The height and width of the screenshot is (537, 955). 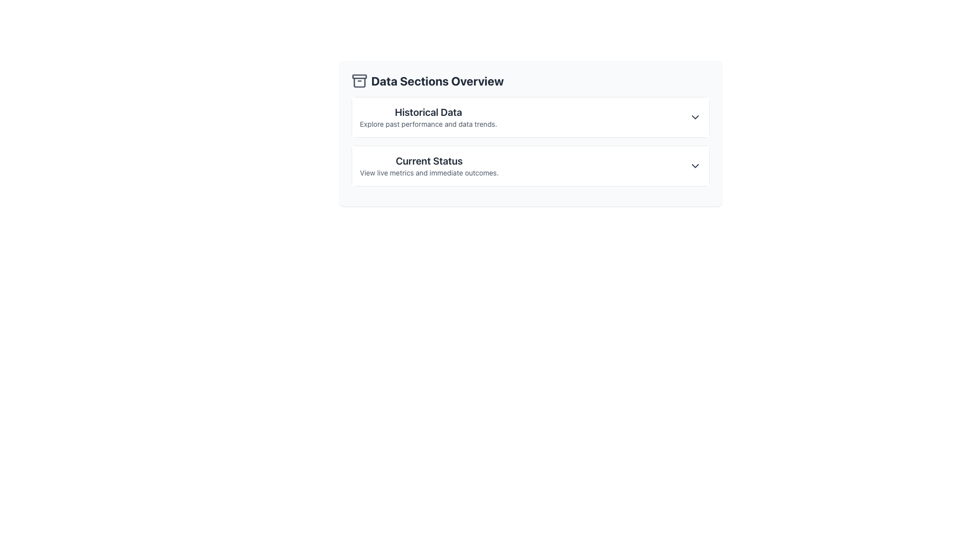 What do you see at coordinates (359, 76) in the screenshot?
I see `the lid of the archive box, which is represented by the first rectangular SVG shape in the top section of the icon` at bounding box center [359, 76].